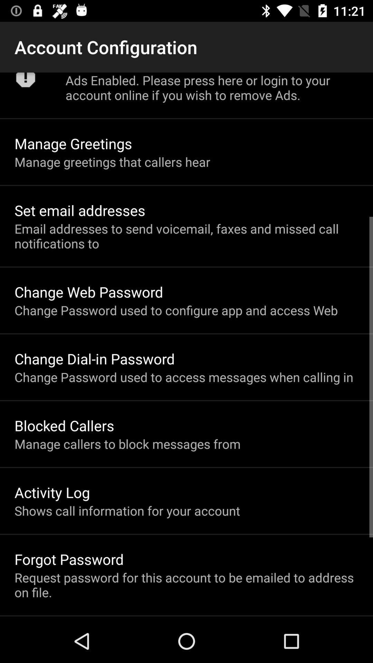  Describe the element at coordinates (52, 492) in the screenshot. I see `the icon below the manage callers to` at that location.